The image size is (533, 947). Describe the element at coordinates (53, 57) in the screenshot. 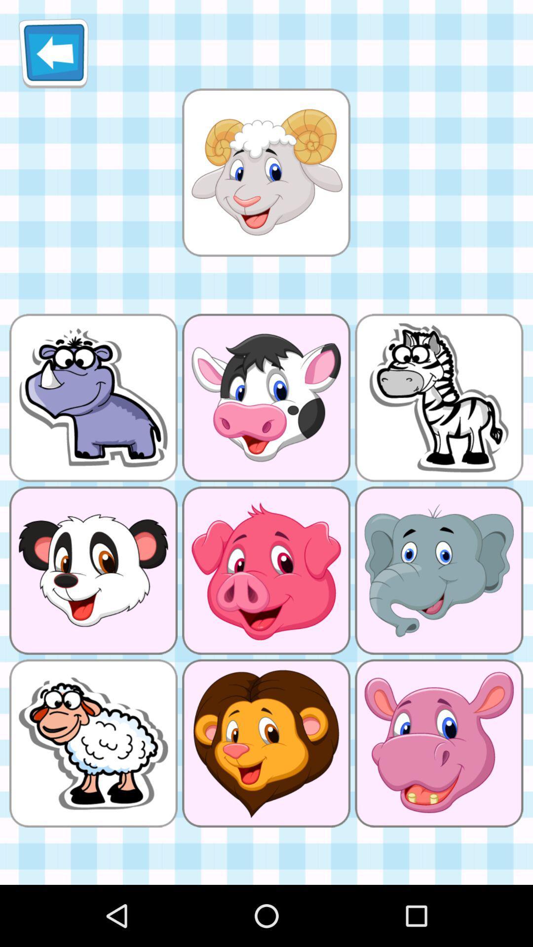

I see `the arrow_backward icon` at that location.